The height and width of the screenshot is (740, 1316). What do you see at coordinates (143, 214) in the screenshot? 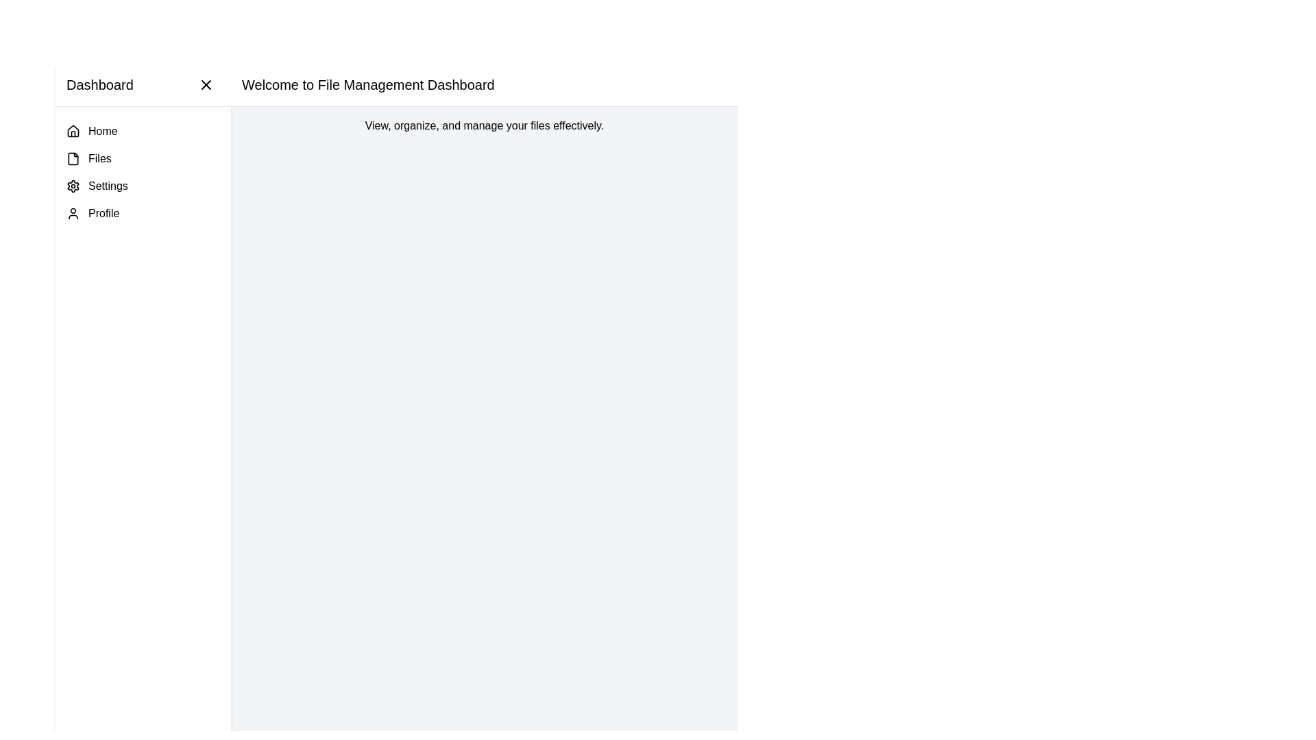
I see `the profile navigation button located in the left sidebar, which is the fourth item in the vertical list below the 'Settings' button` at bounding box center [143, 214].